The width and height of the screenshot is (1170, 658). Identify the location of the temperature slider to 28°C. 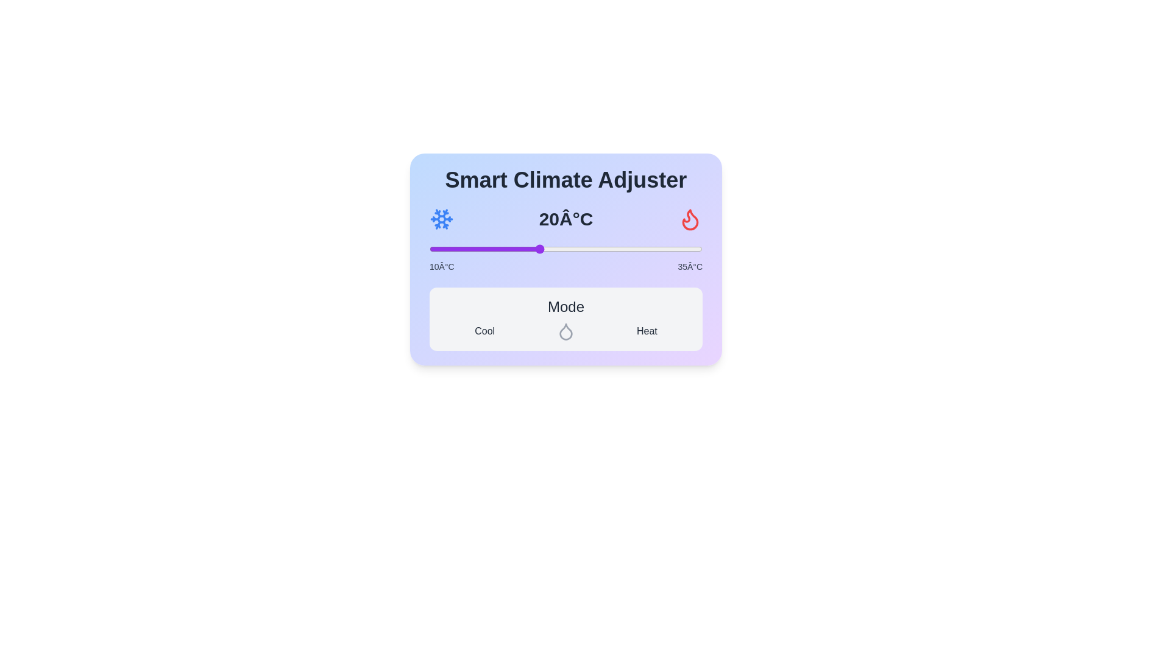
(626, 248).